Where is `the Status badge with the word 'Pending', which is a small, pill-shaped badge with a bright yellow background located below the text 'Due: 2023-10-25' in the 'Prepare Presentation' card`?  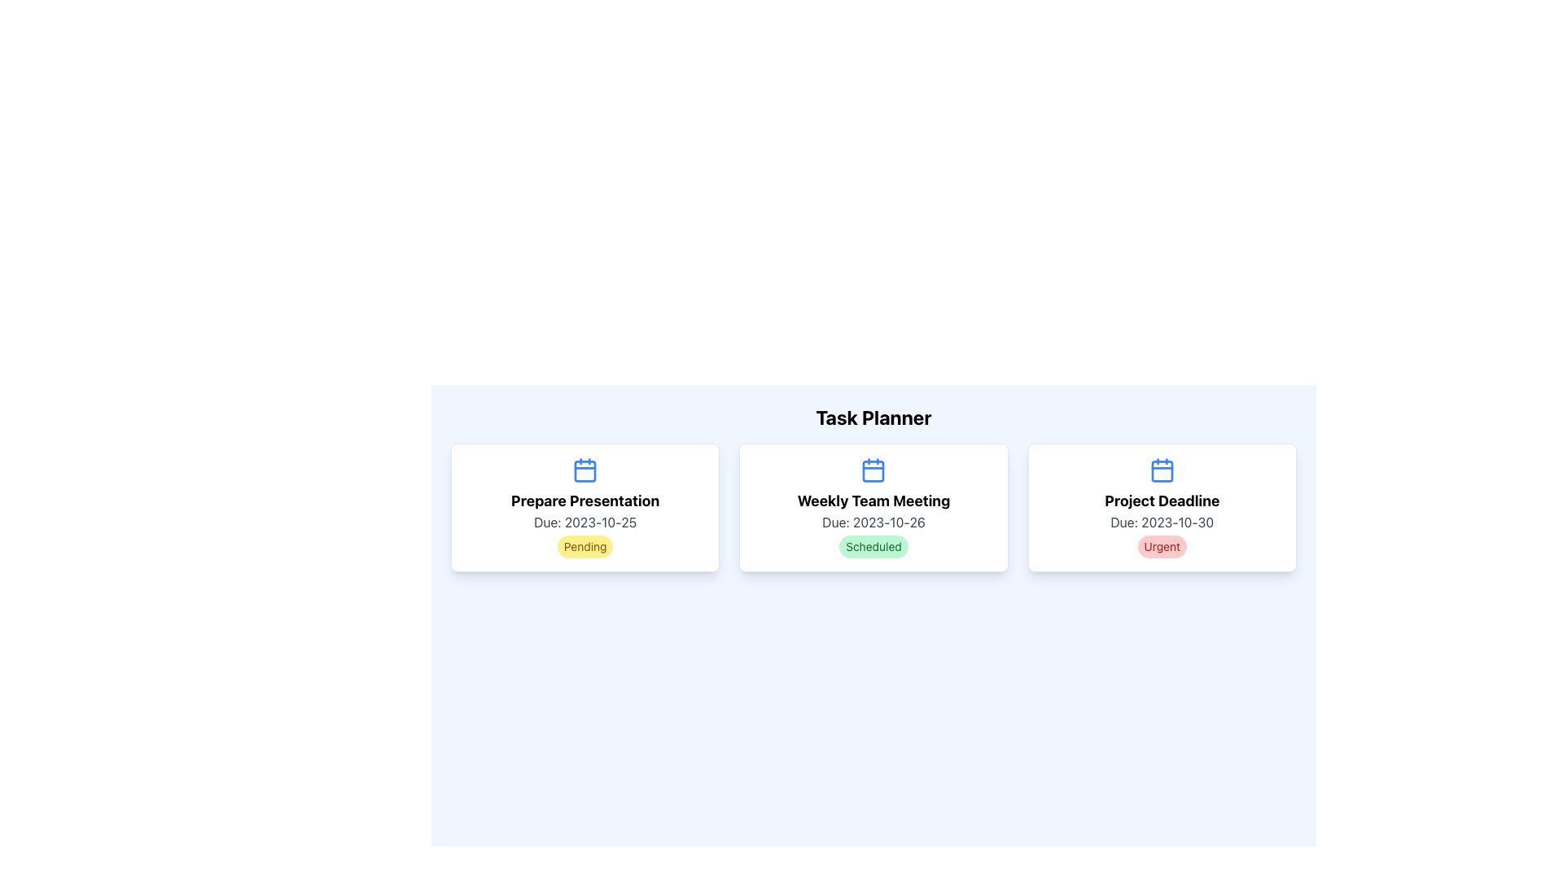 the Status badge with the word 'Pending', which is a small, pill-shaped badge with a bright yellow background located below the text 'Due: 2023-10-25' in the 'Prepare Presentation' card is located at coordinates (585, 546).